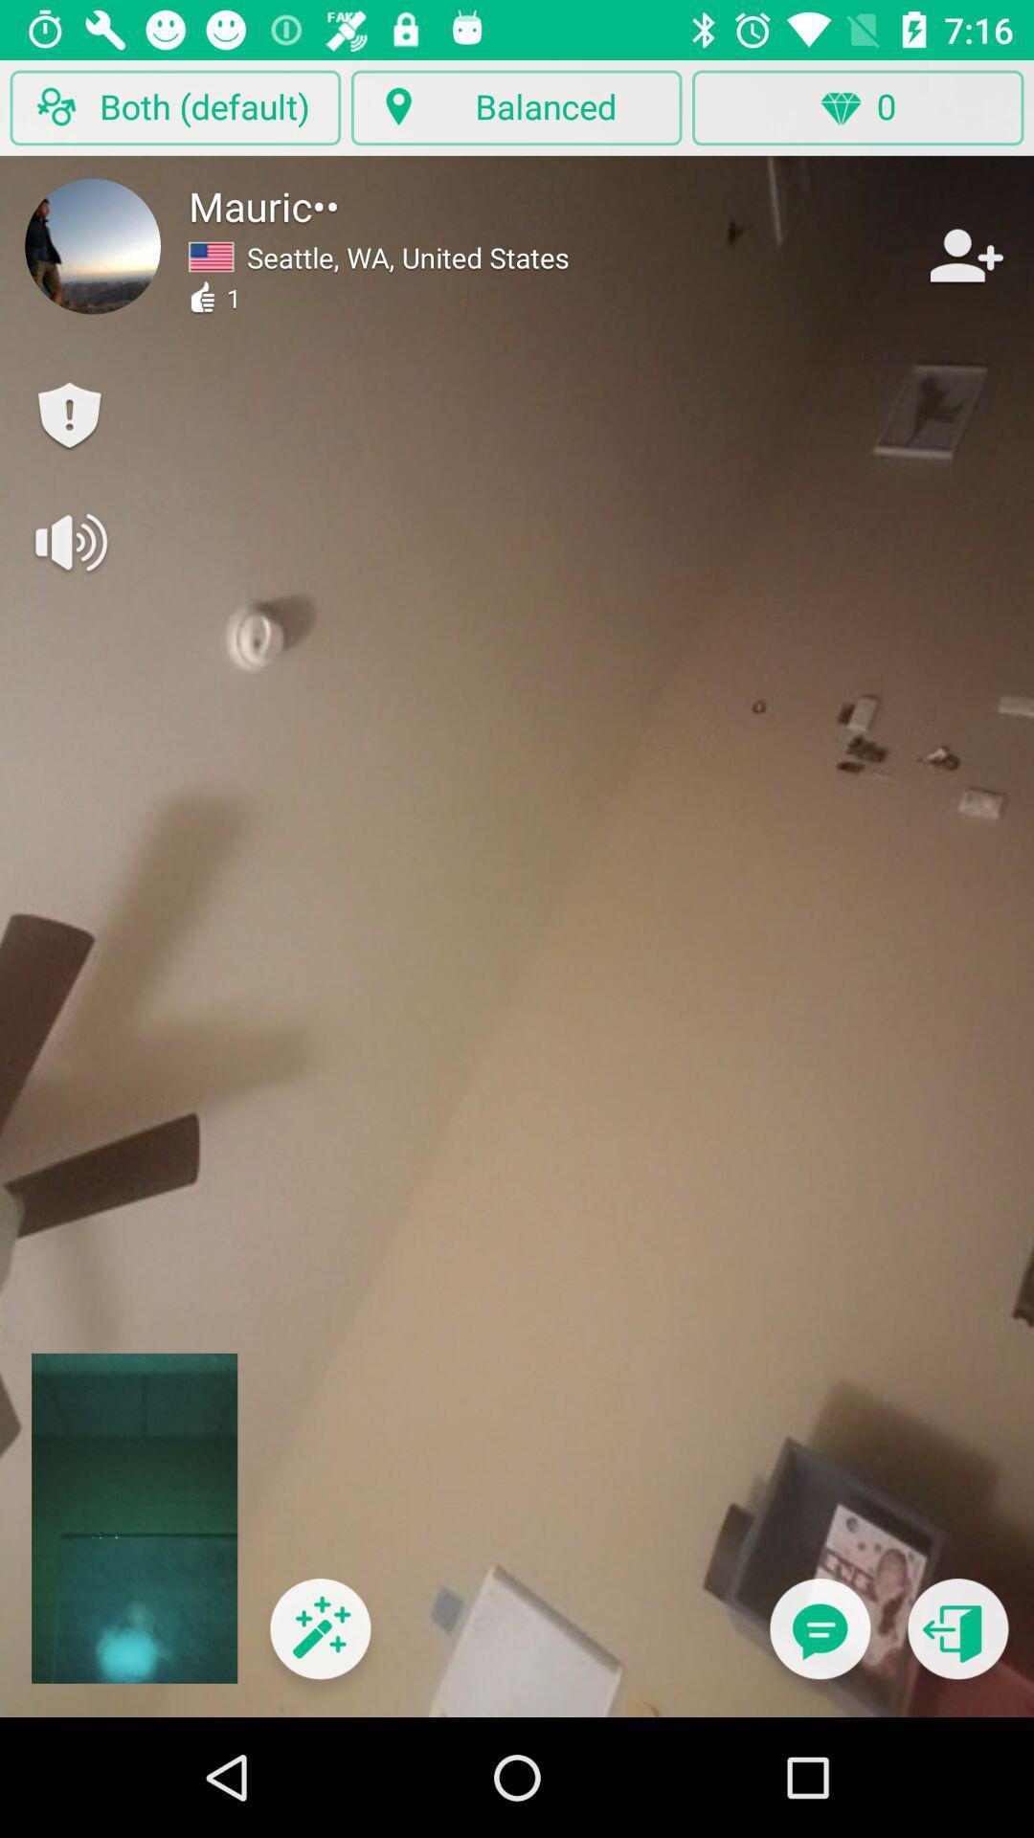 The height and width of the screenshot is (1838, 1034). I want to click on the warning icon, so click(68, 415).